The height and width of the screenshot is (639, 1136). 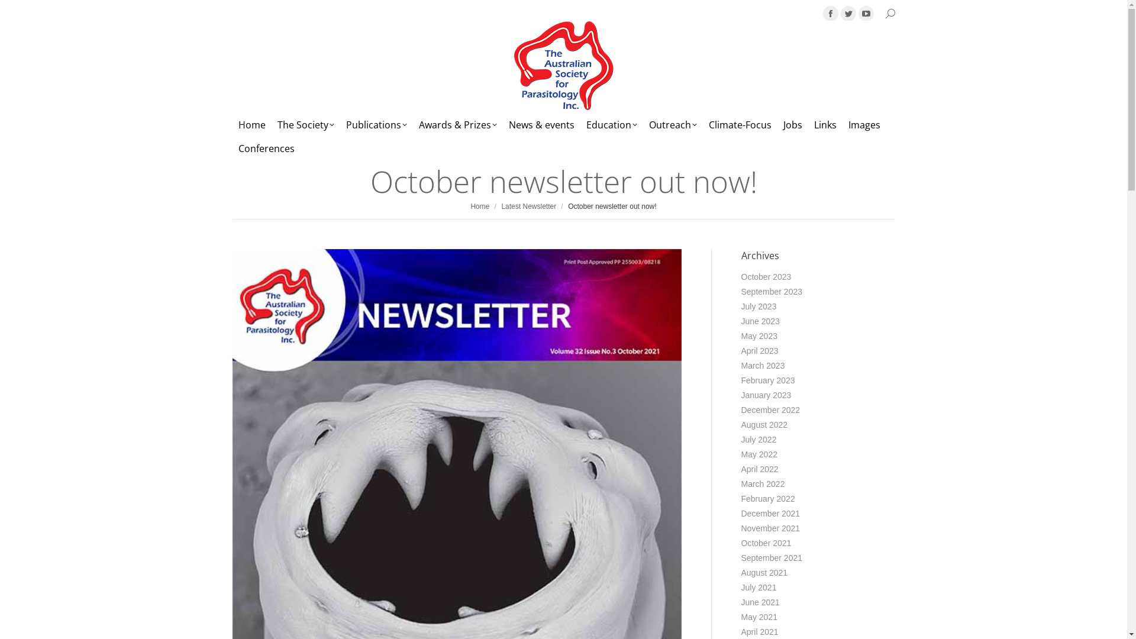 What do you see at coordinates (764, 572) in the screenshot?
I see `'August 2021'` at bounding box center [764, 572].